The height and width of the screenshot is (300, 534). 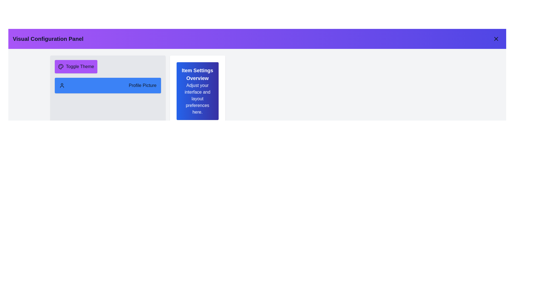 What do you see at coordinates (496, 38) in the screenshot?
I see `the close button (icon resembling an 'X') located in the top-right corner of the purple header area` at bounding box center [496, 38].